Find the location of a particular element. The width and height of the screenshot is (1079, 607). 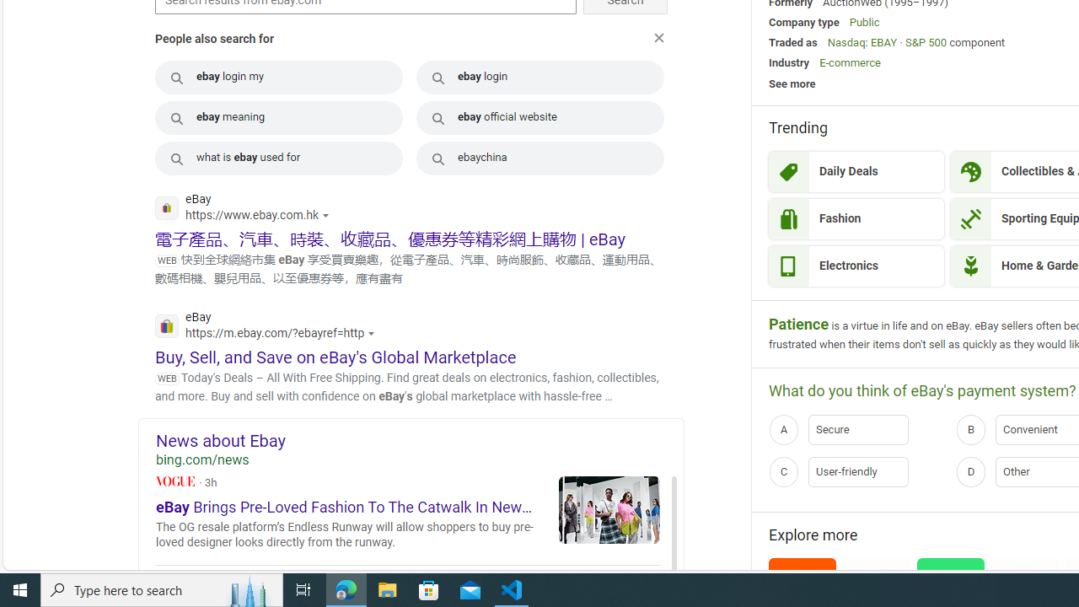

'Global web icon' is located at coordinates (166, 325).